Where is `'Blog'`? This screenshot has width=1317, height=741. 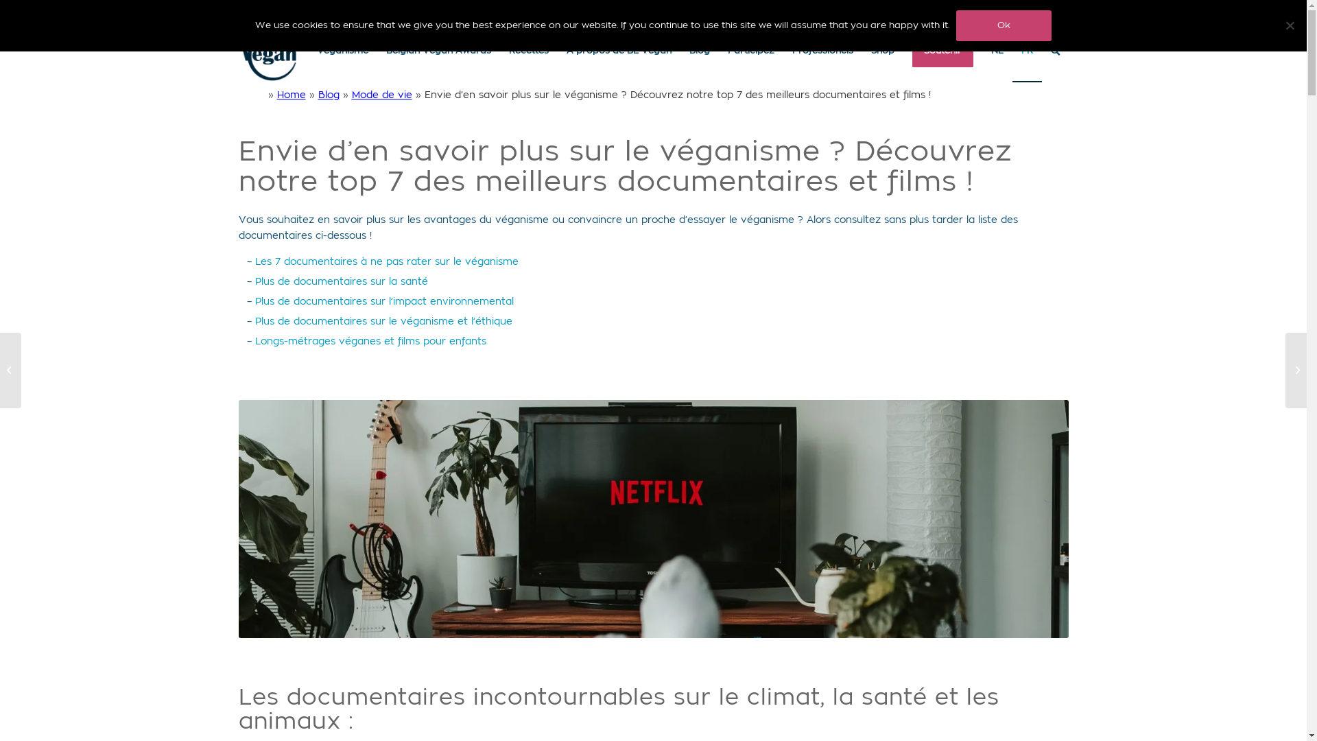
'Blog' is located at coordinates (699, 50).